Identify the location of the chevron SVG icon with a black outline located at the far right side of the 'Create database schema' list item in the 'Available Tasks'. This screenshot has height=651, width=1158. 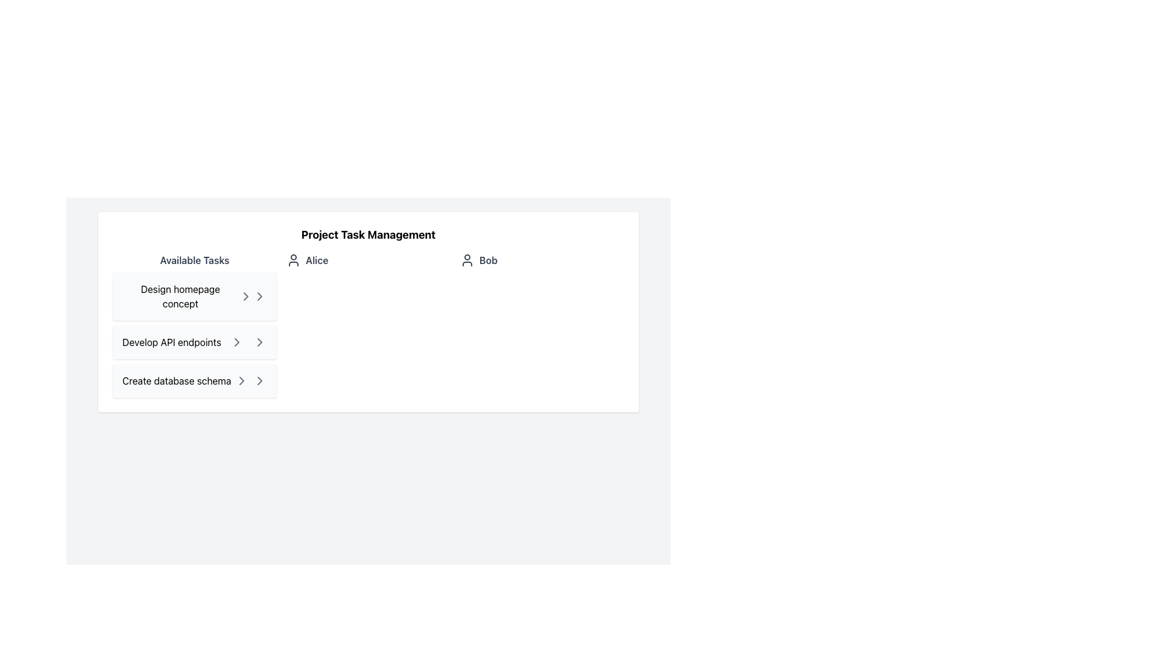
(241, 381).